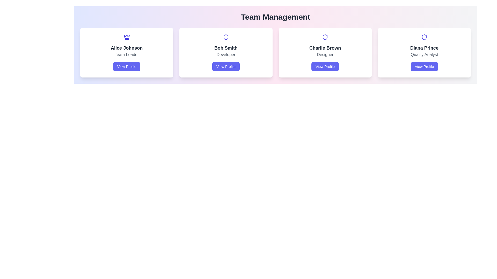 This screenshot has width=497, height=279. I want to click on the fourth card in the grid layout that provides information about Diana Prince, so click(424, 53).